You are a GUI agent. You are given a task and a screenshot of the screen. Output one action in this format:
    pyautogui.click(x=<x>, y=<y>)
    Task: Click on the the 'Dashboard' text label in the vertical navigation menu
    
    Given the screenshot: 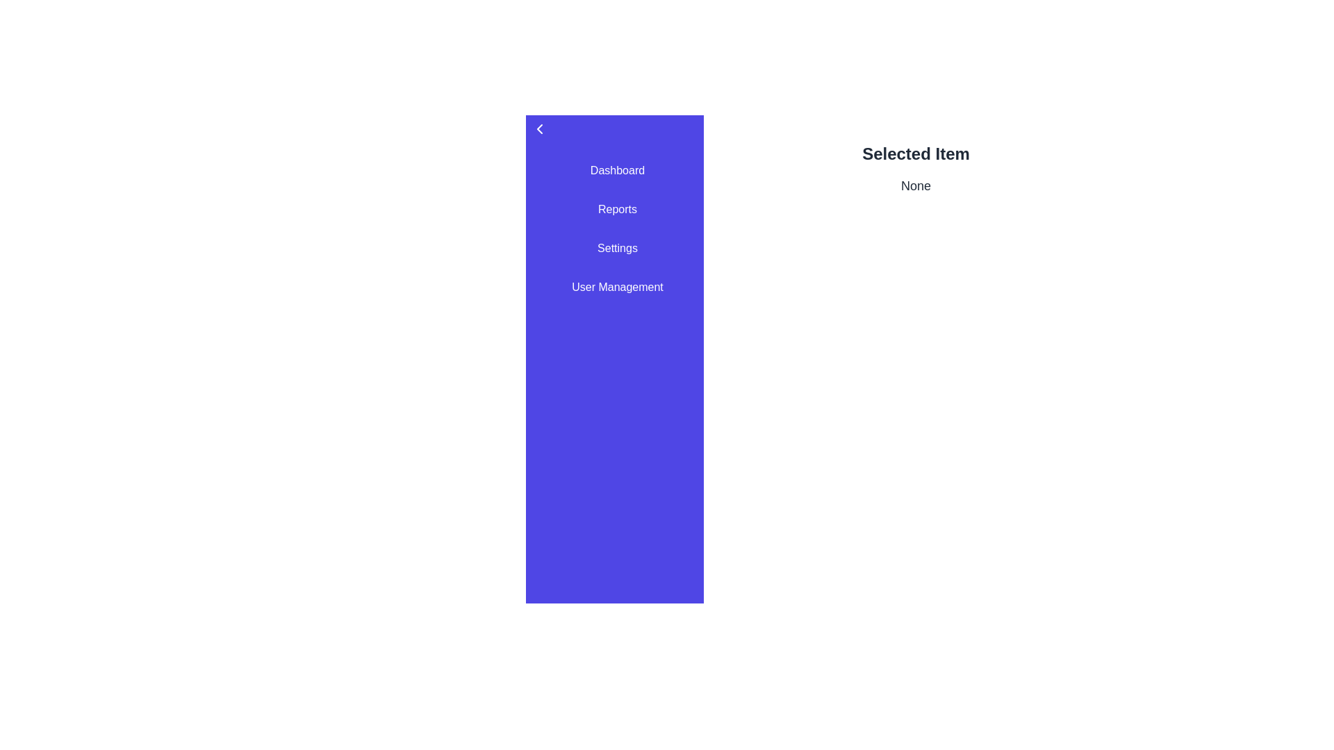 What is the action you would take?
    pyautogui.click(x=616, y=169)
    